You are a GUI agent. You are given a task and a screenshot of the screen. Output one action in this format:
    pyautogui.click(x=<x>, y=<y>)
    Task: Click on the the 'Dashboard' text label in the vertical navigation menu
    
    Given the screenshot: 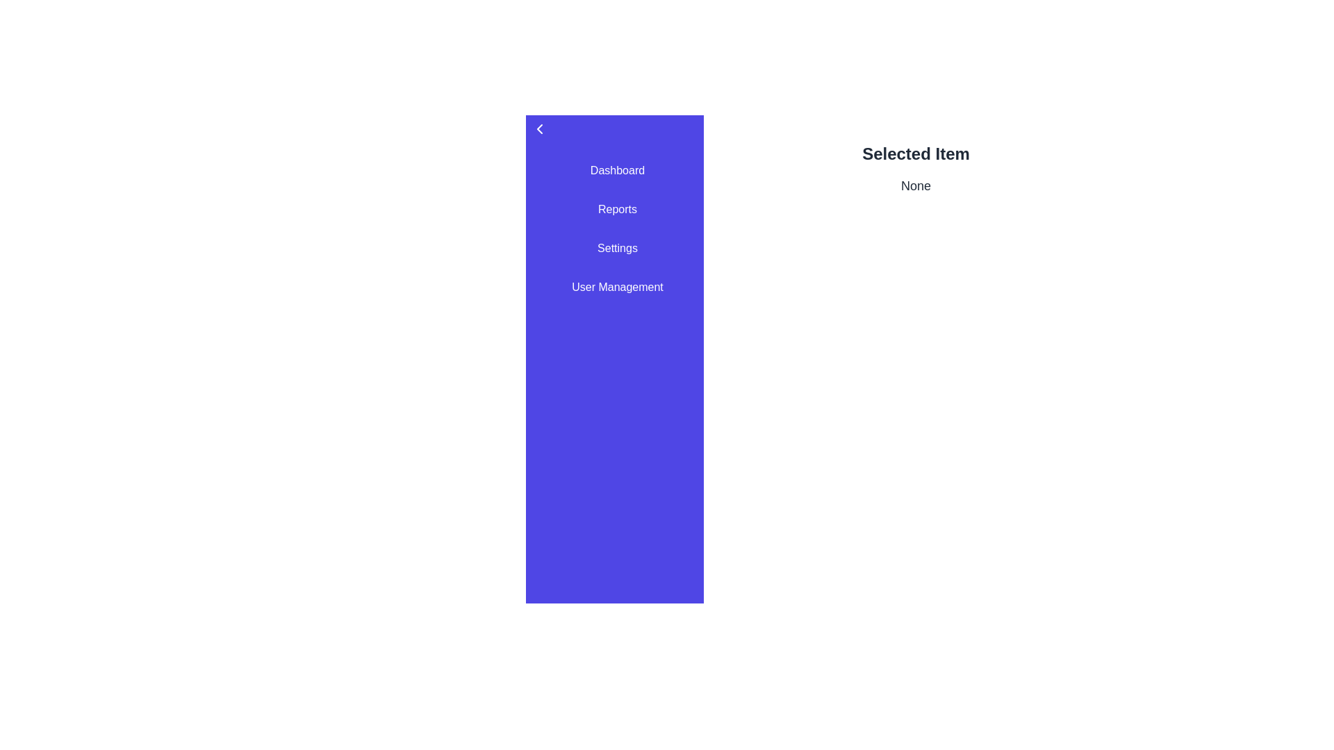 What is the action you would take?
    pyautogui.click(x=616, y=169)
    